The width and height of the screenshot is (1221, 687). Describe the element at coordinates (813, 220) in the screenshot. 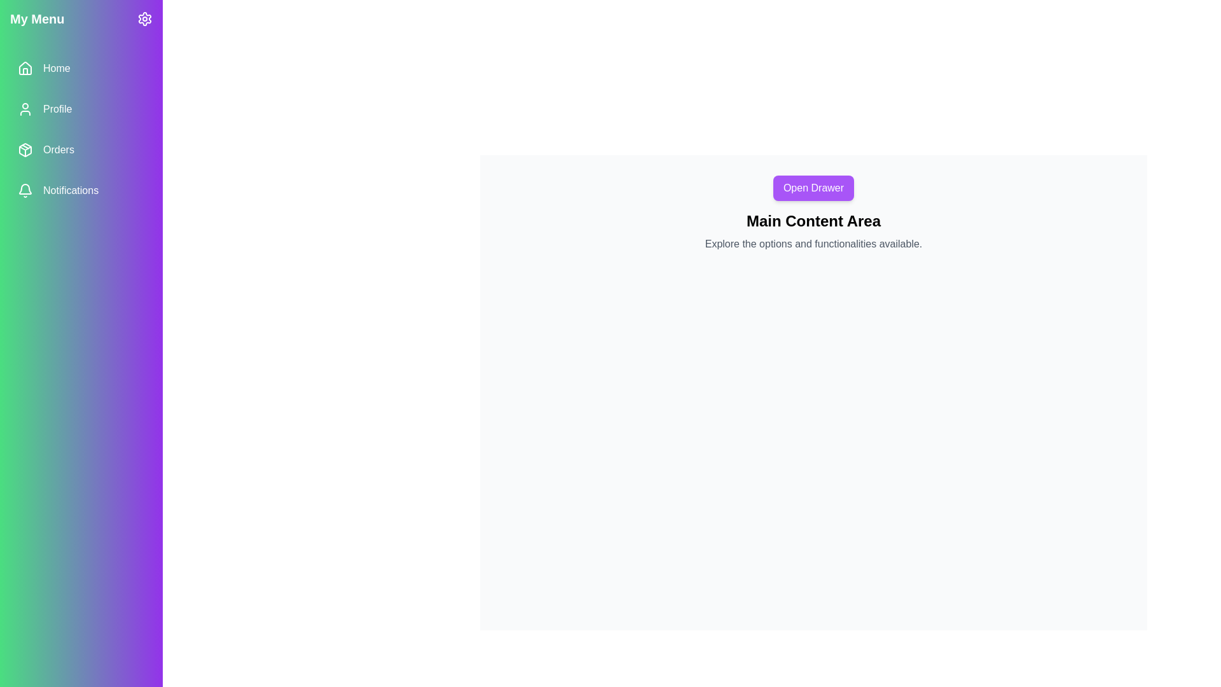

I see `the text 'Main Content Area' to highlight it` at that location.